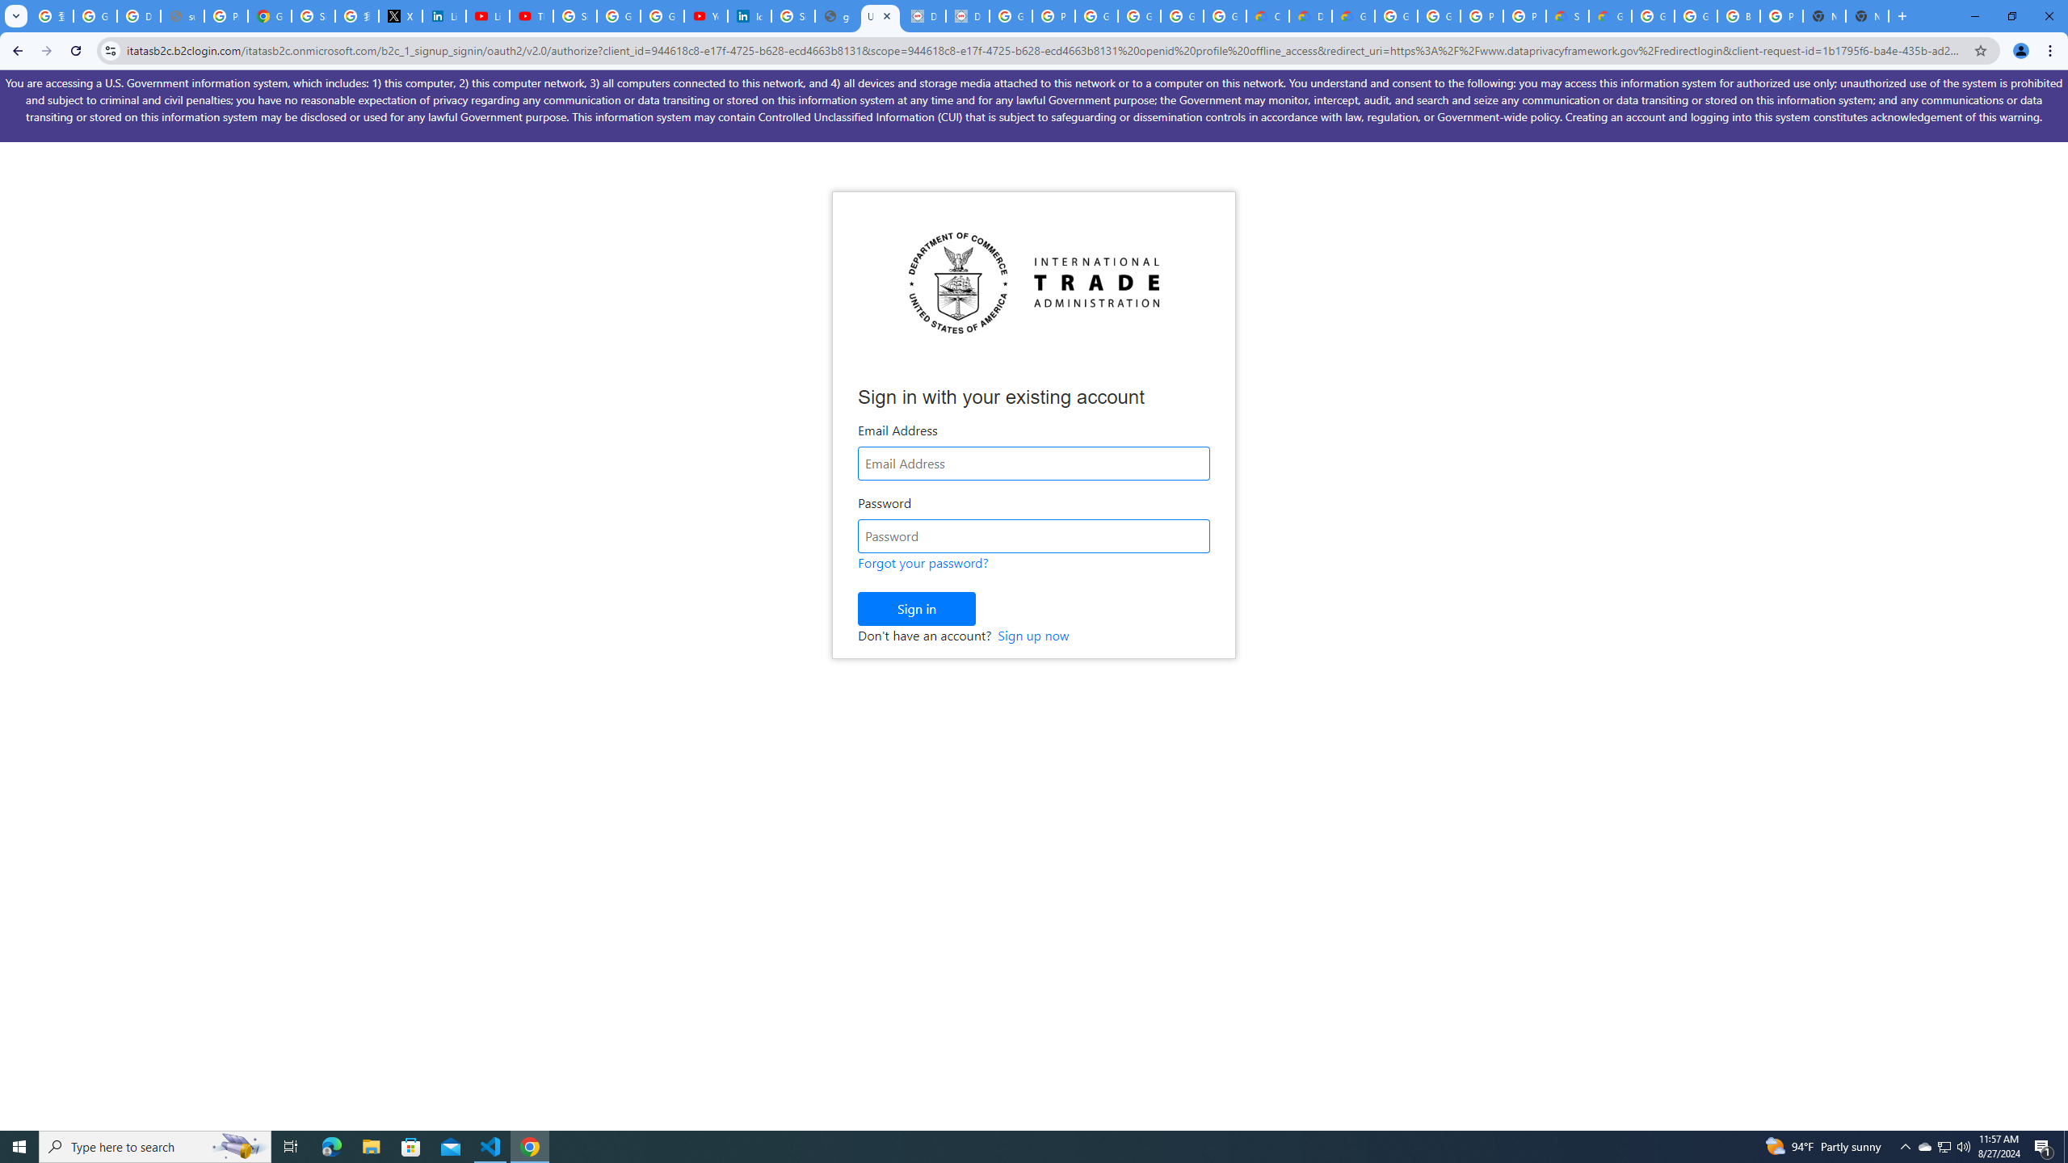  Describe the element at coordinates (1867, 15) in the screenshot. I see `'New Tab'` at that location.